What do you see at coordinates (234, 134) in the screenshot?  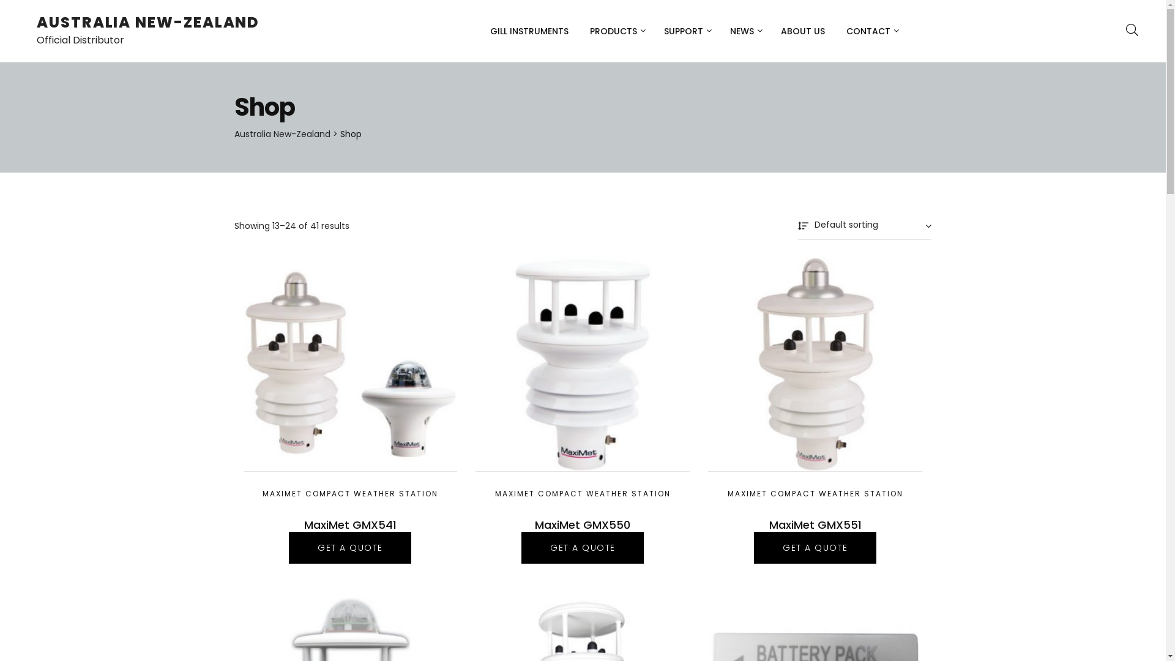 I see `'Australia New-Zealand'` at bounding box center [234, 134].